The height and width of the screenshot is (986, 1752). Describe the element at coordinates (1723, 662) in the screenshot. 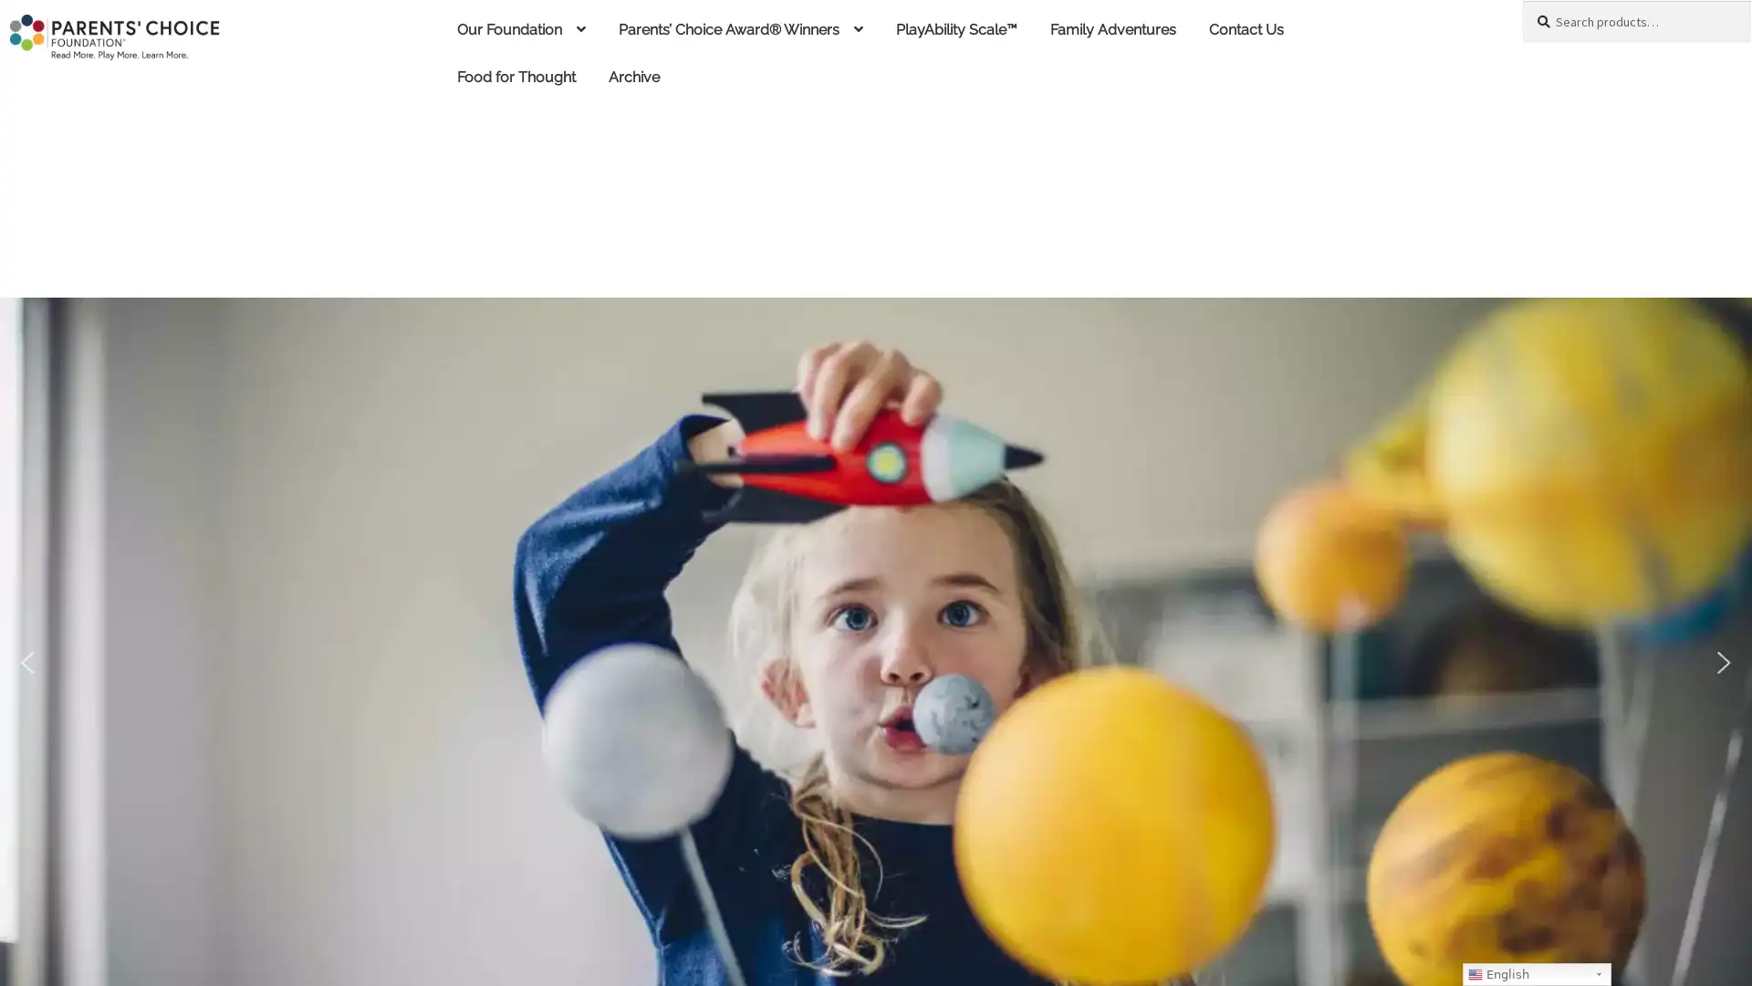

I see `next arrow` at that location.